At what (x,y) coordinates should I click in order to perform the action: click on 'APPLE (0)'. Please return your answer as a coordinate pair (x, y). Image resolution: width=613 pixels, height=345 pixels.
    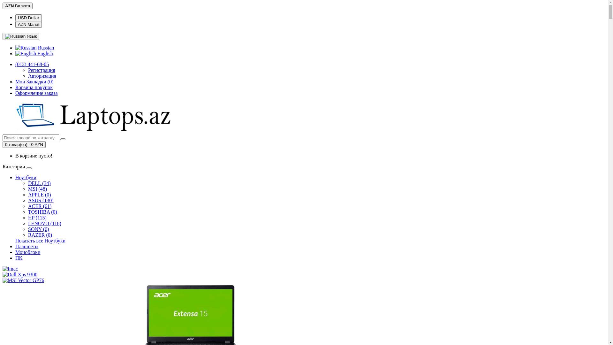
    Looking at the image, I should click on (39, 194).